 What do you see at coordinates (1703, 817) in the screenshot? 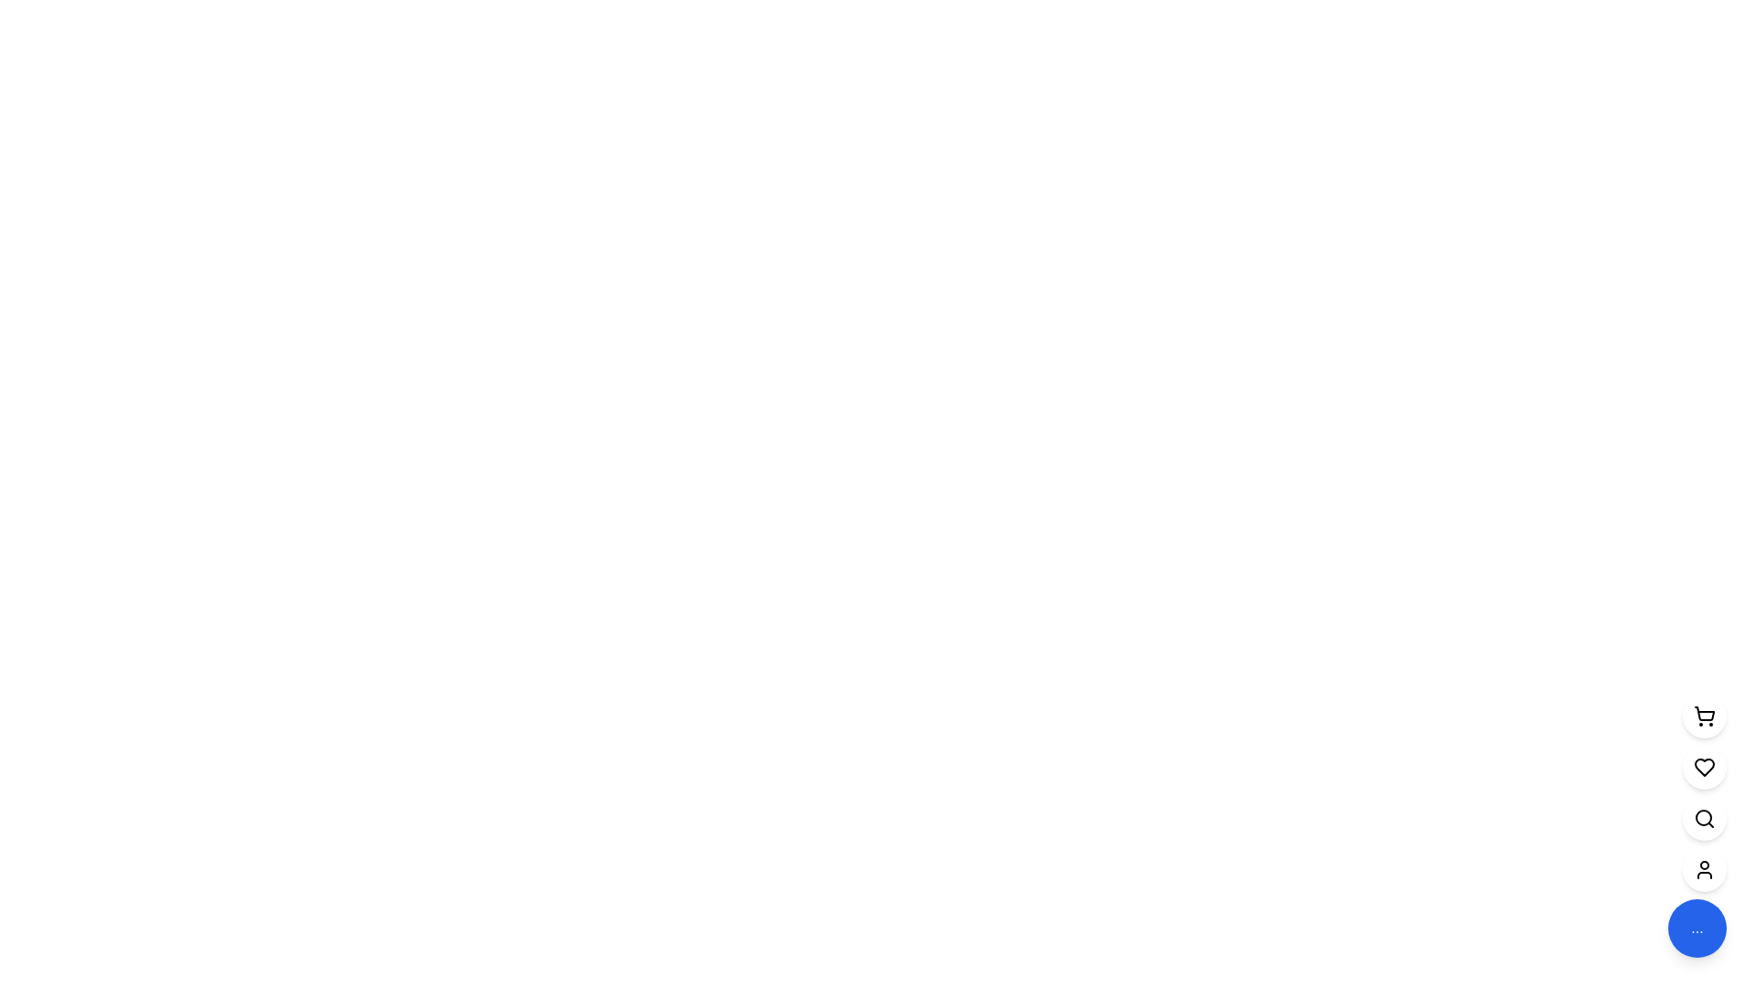
I see `the search icon, represented by a magnifying glass, located in the vertical toolbar near the right edge of the interface, which is the third icon in the sequence` at bounding box center [1703, 817].